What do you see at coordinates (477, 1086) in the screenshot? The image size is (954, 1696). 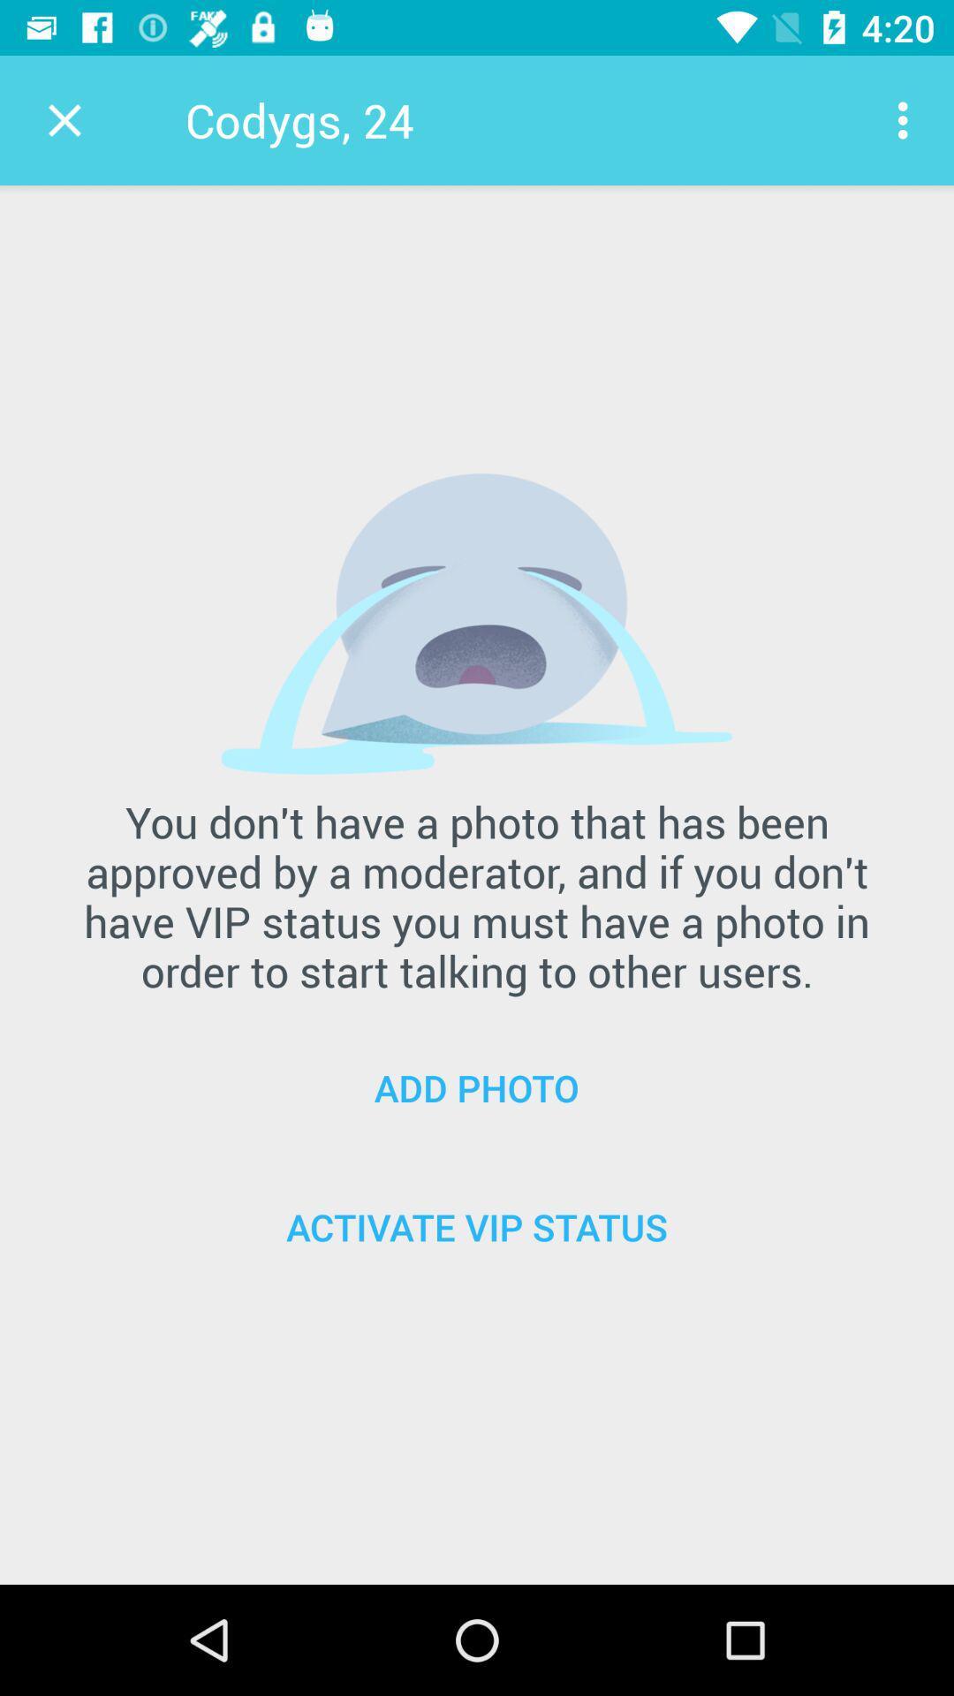 I see `add photo icon` at bounding box center [477, 1086].